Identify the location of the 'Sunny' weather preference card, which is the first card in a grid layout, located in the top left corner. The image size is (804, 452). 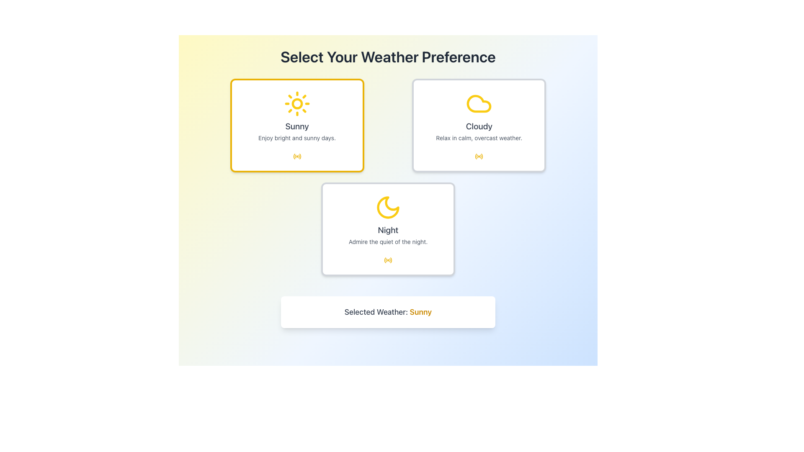
(297, 126).